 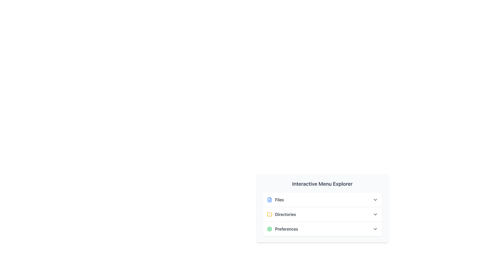 I want to click on the downward-pointing chevron icon located to the right of the 'Preferences' label, so click(x=375, y=229).